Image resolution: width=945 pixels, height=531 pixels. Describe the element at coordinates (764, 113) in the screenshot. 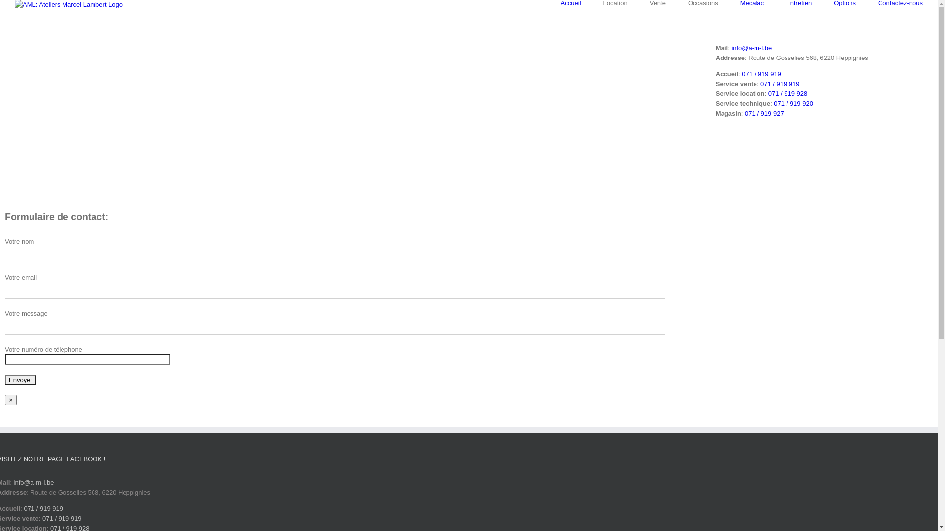

I see `'071 / 919 927'` at that location.